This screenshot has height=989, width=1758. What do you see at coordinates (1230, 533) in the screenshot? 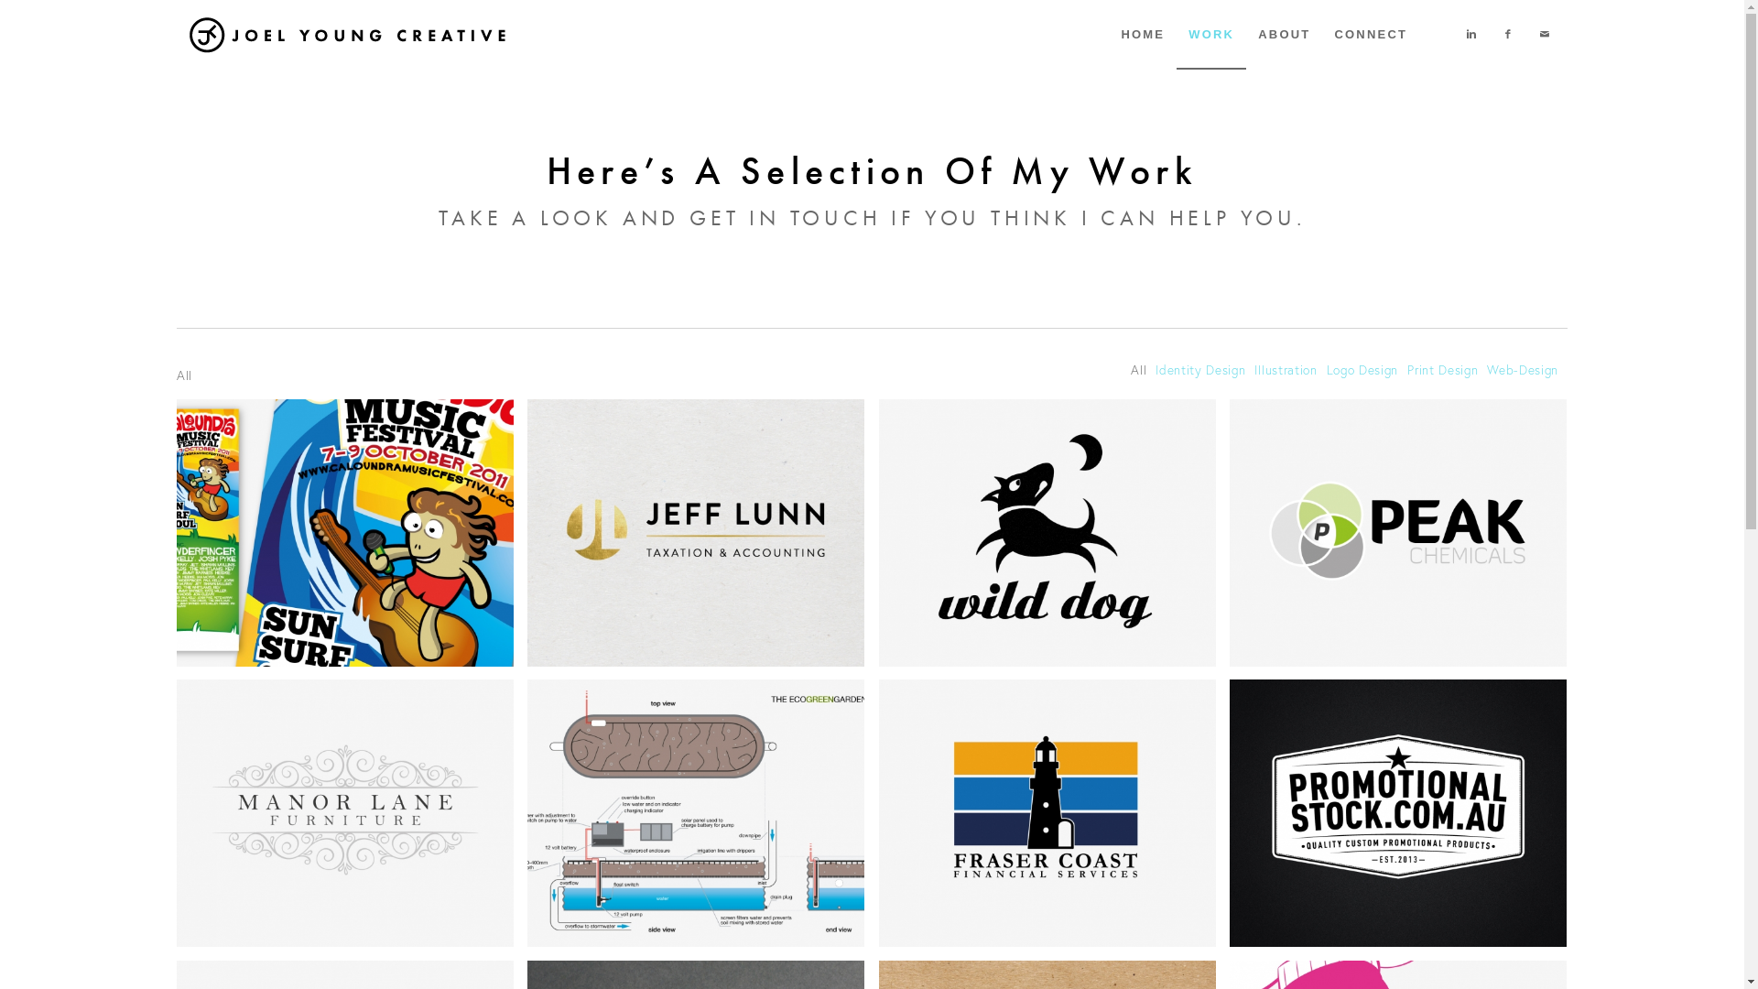
I see `'Peak Chemicals logo'` at bounding box center [1230, 533].